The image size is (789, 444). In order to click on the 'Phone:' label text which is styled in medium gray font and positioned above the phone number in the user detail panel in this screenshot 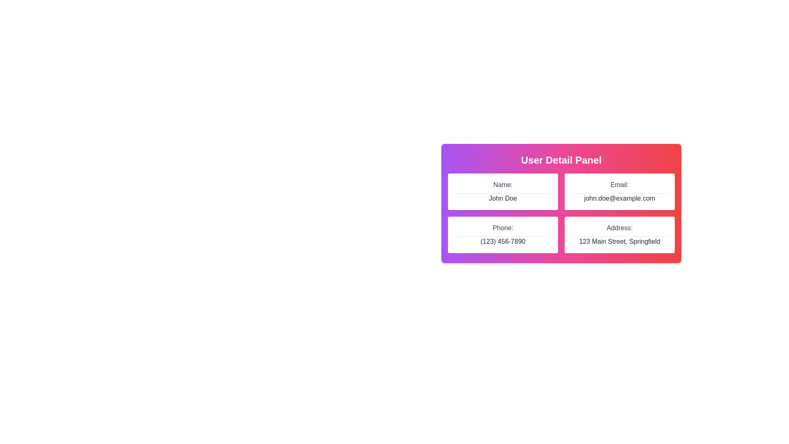, I will do `click(503, 228)`.